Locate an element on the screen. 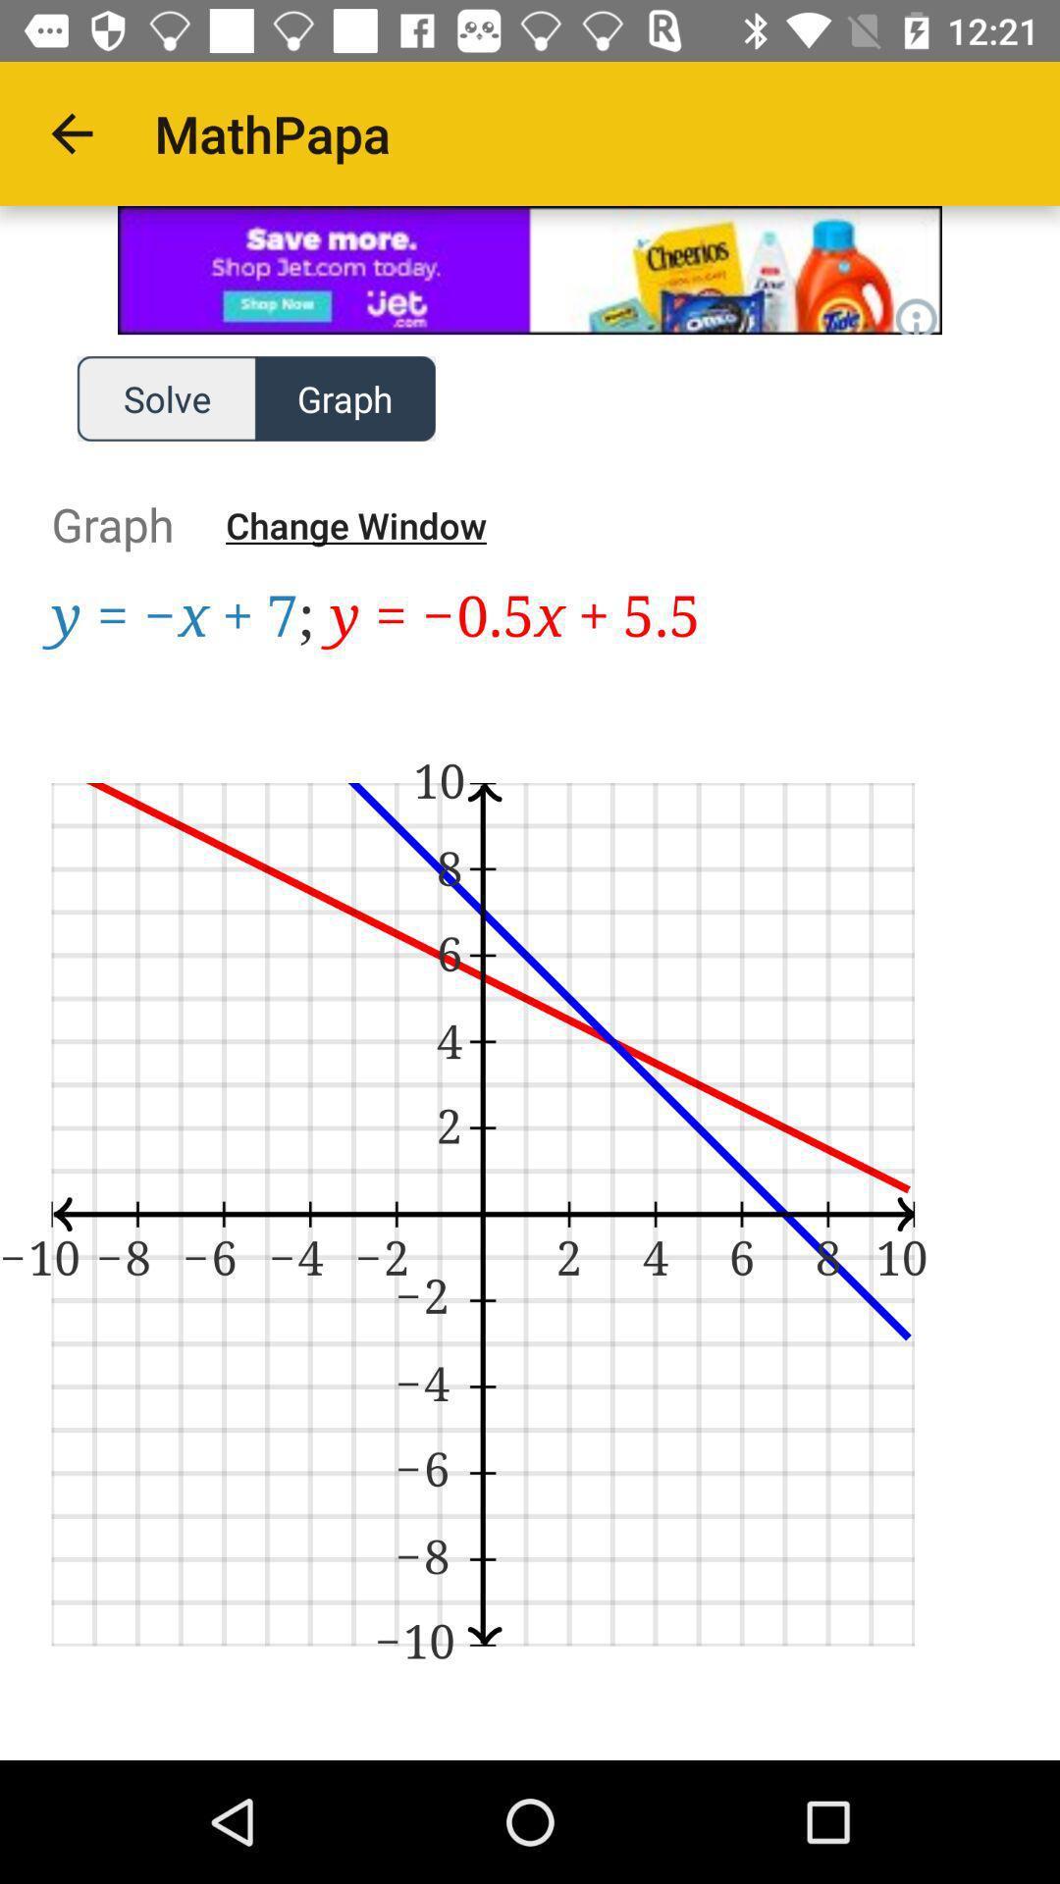  graph page is located at coordinates (530, 1174).